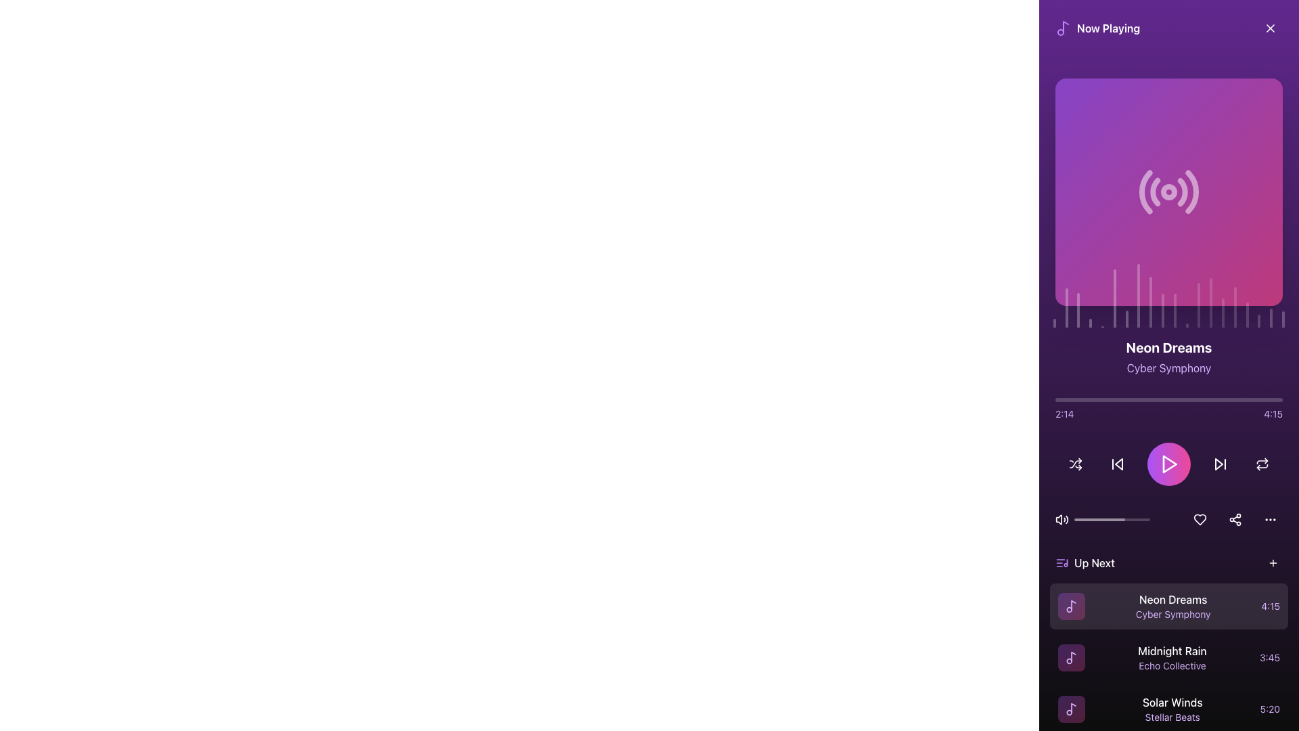  What do you see at coordinates (1246, 315) in the screenshot?
I see `the seventeenth vertical graphical bar in the equalizer or activity graph, which visualizes audio activity or sound levels` at bounding box center [1246, 315].